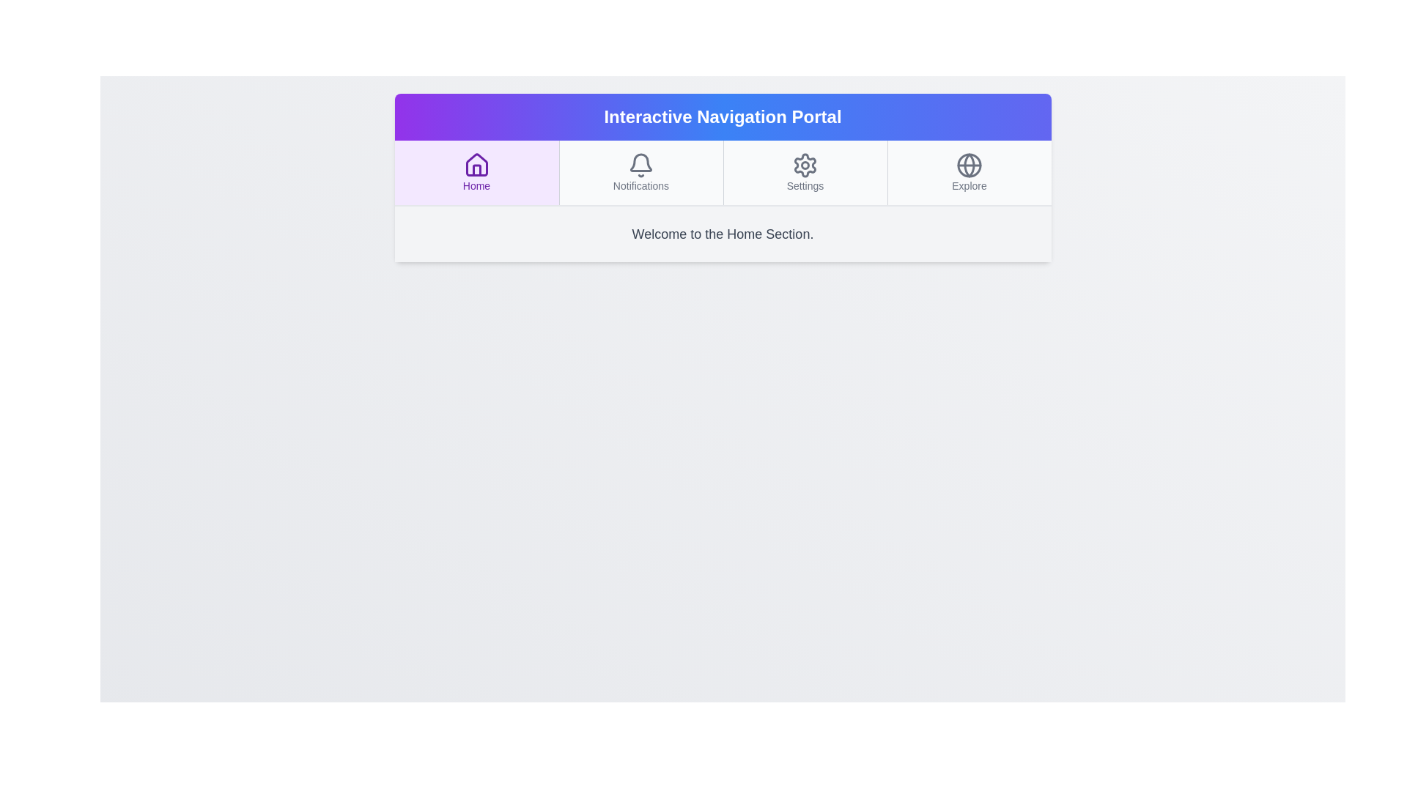  What do you see at coordinates (969, 171) in the screenshot?
I see `the 'Explore' button, which features a gray globe icon above the text, located in the fourth column of the navigation bar` at bounding box center [969, 171].